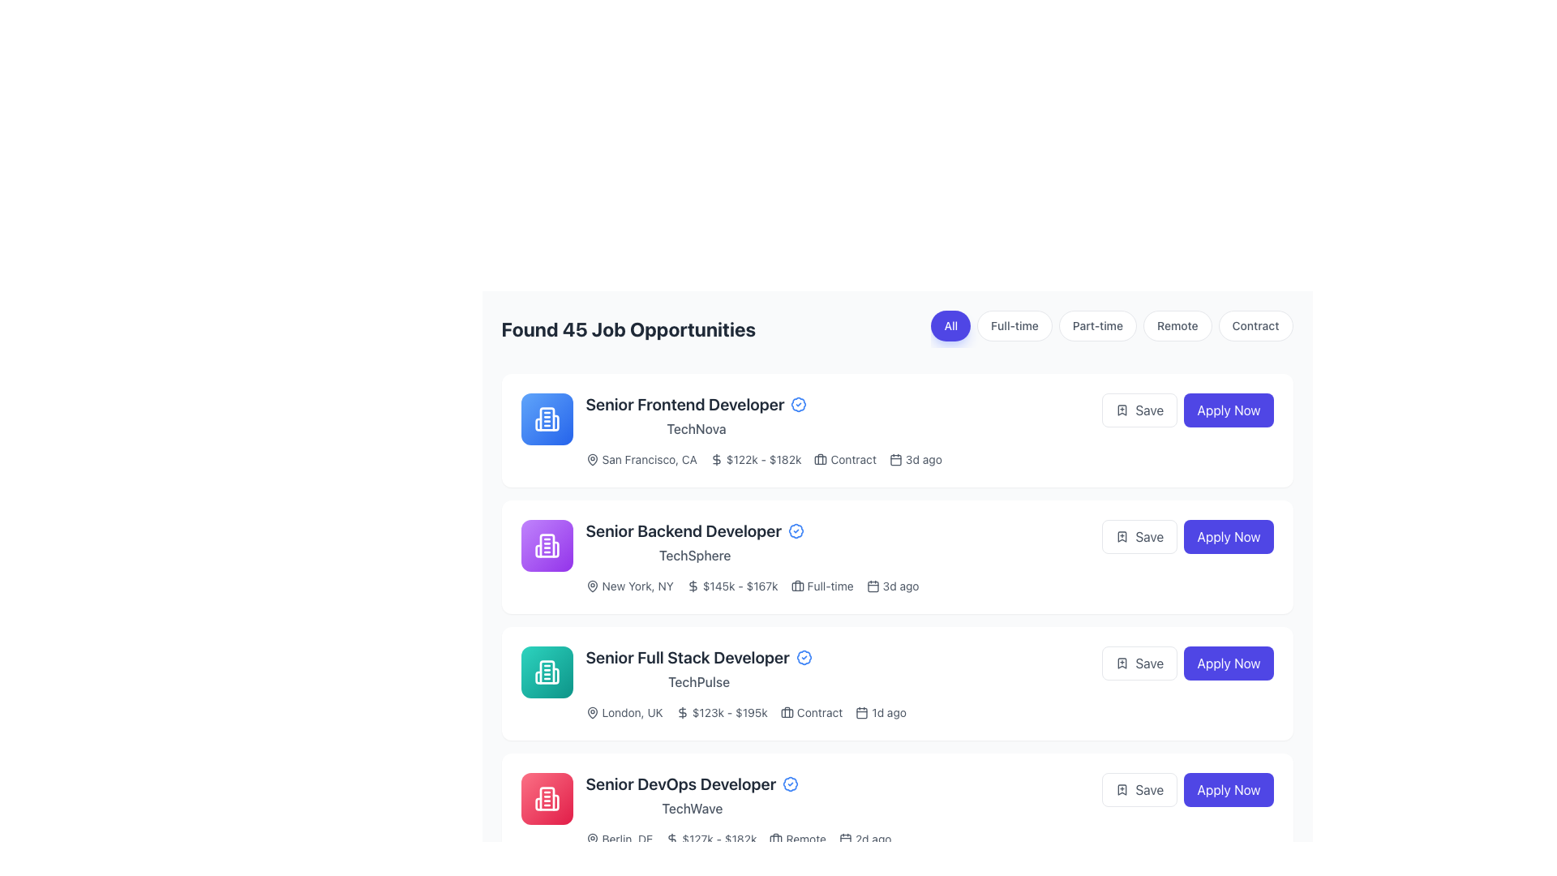  What do you see at coordinates (804, 657) in the screenshot?
I see `the decorative badge with a checkmark indicating verification for the 'Senior Full Stack Developer' job listing` at bounding box center [804, 657].